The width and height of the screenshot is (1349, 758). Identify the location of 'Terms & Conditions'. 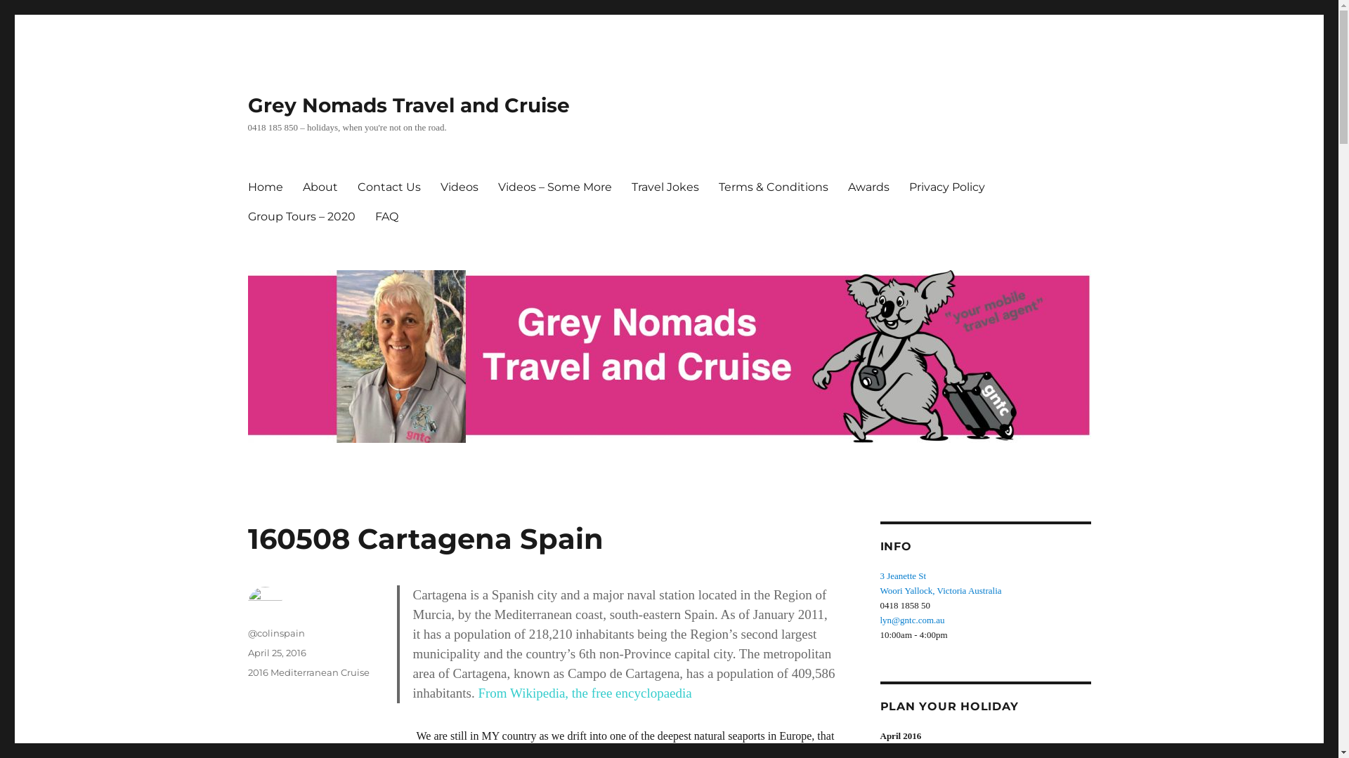
(771, 186).